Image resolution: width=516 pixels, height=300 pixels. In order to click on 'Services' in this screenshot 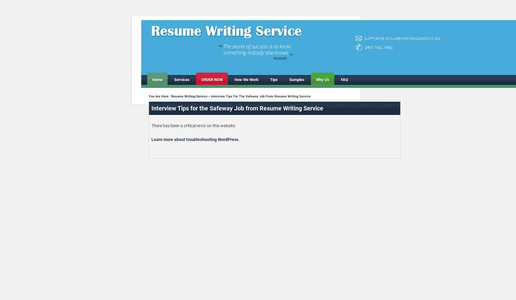, I will do `click(181, 79)`.